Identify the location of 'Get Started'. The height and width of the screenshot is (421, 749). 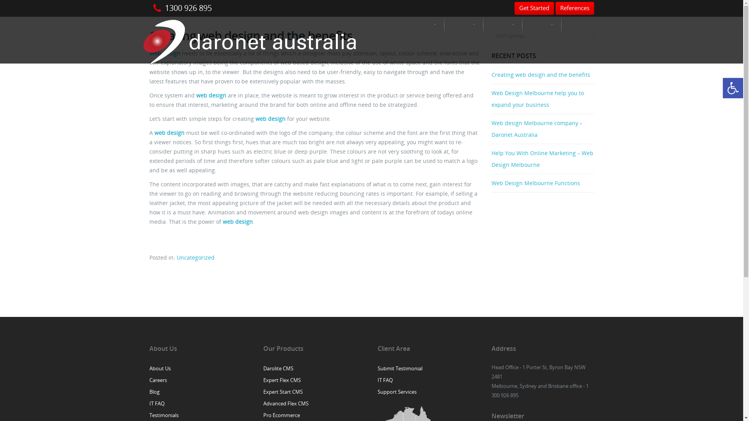
(533, 8).